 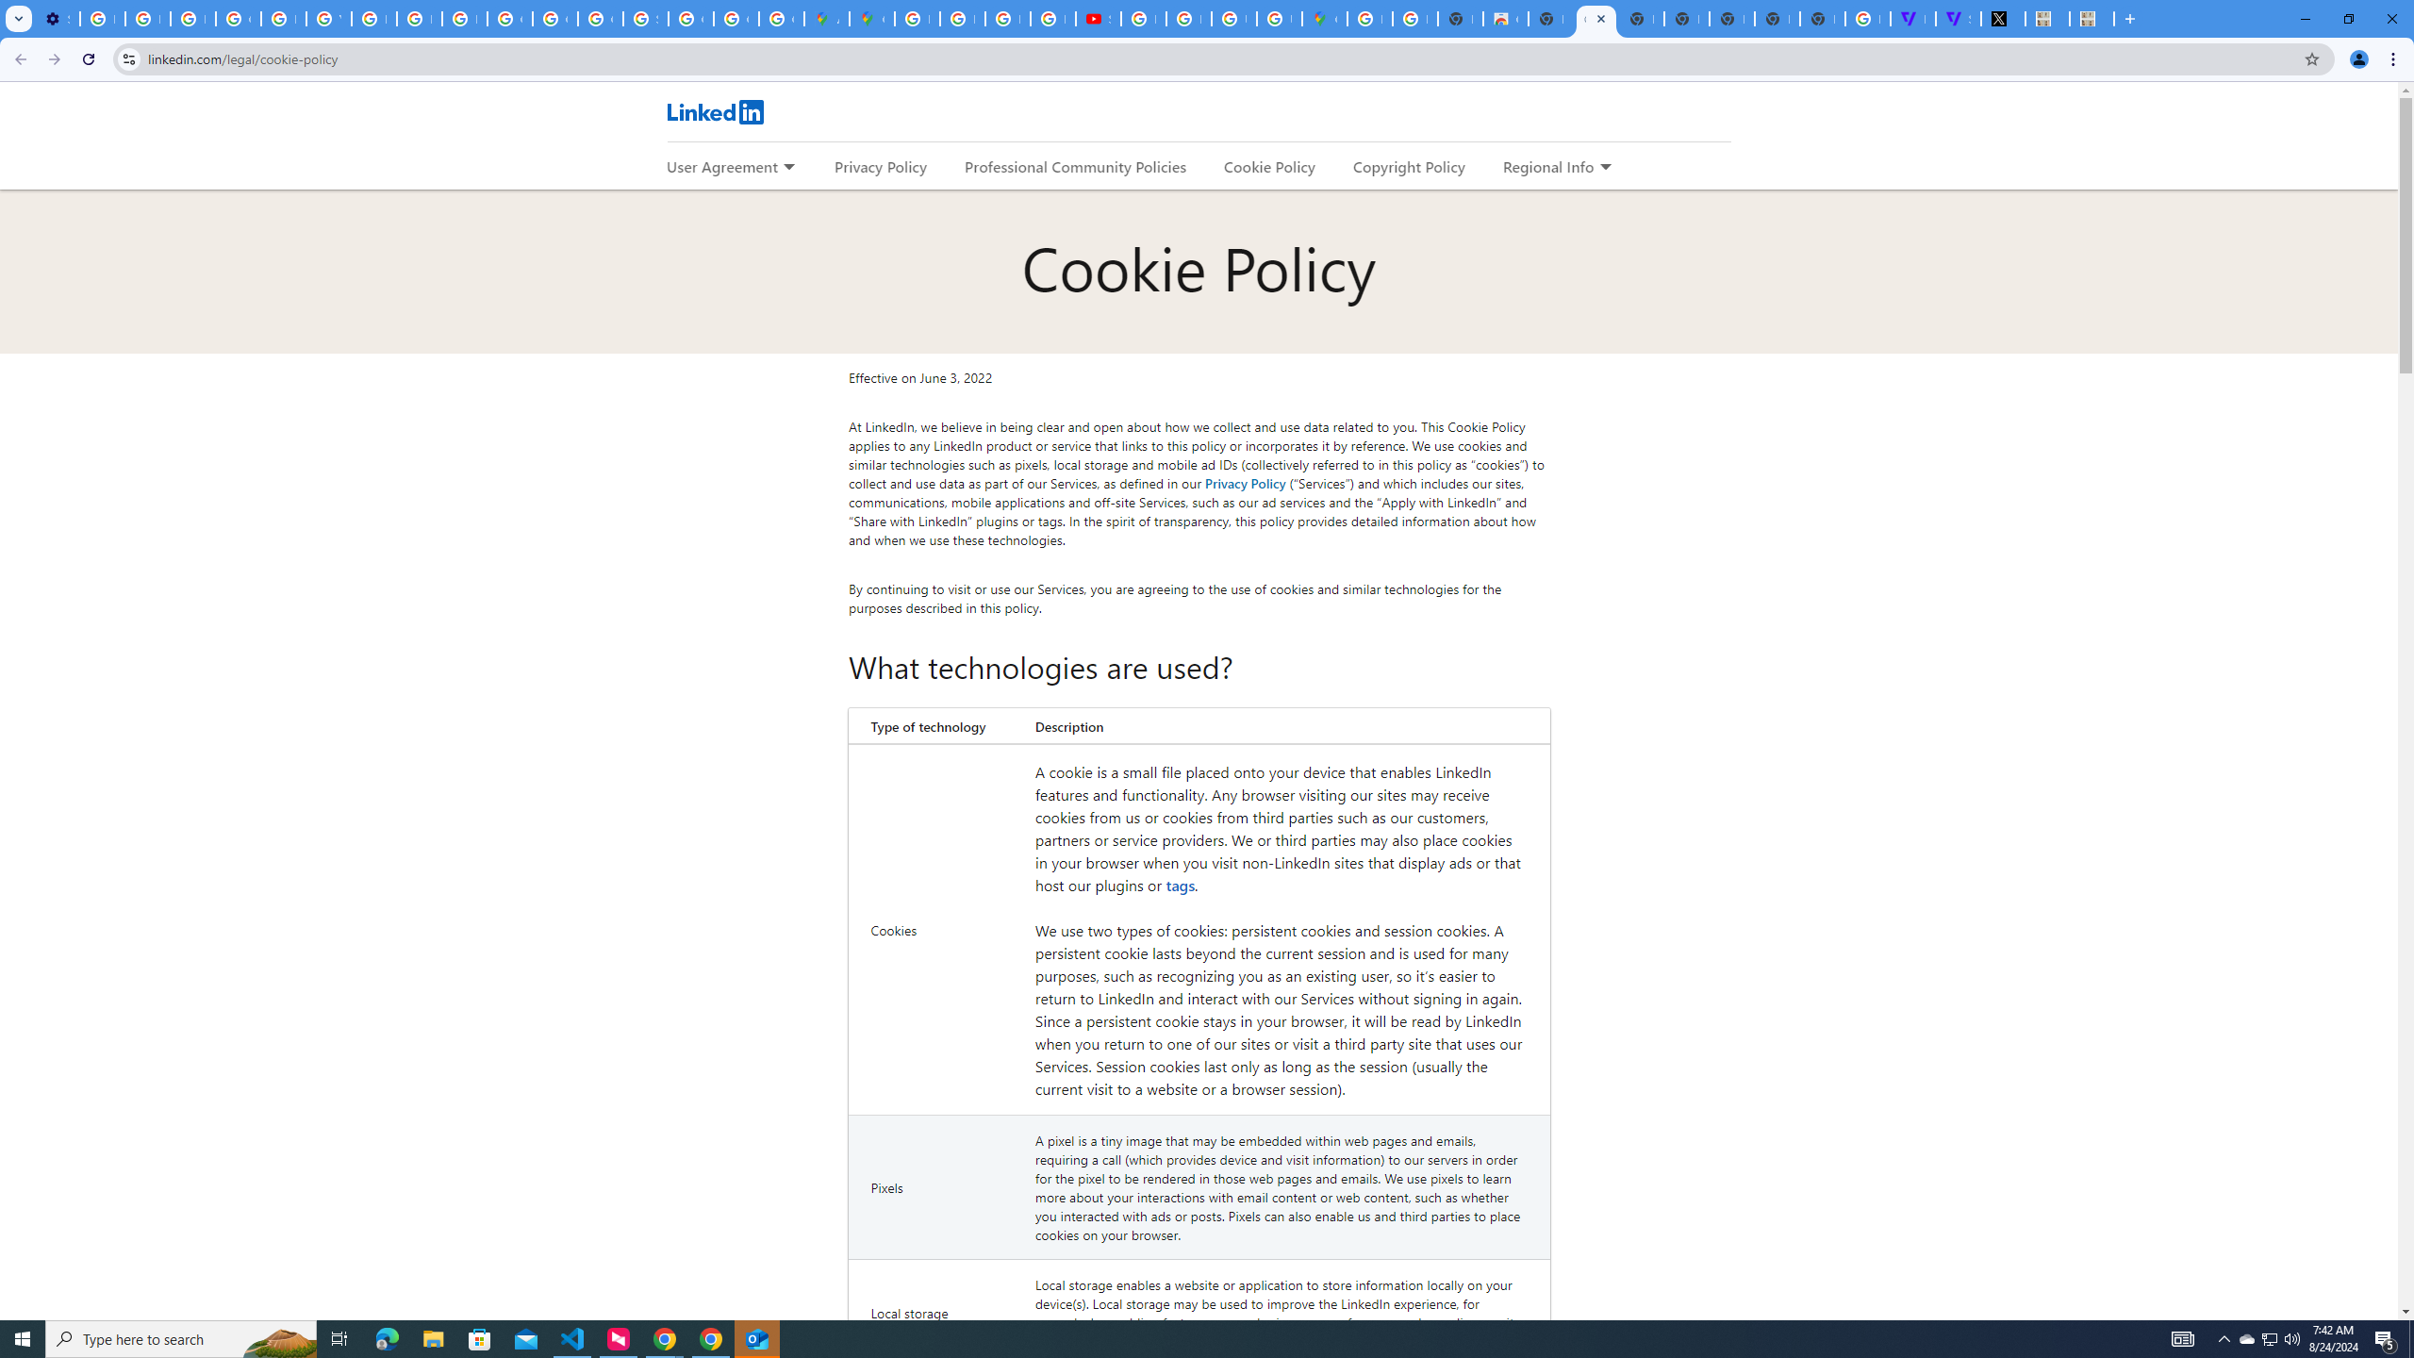 What do you see at coordinates (2002, 18) in the screenshot?
I see `'Miley Cyrus (@MileyCyrus) / X'` at bounding box center [2002, 18].